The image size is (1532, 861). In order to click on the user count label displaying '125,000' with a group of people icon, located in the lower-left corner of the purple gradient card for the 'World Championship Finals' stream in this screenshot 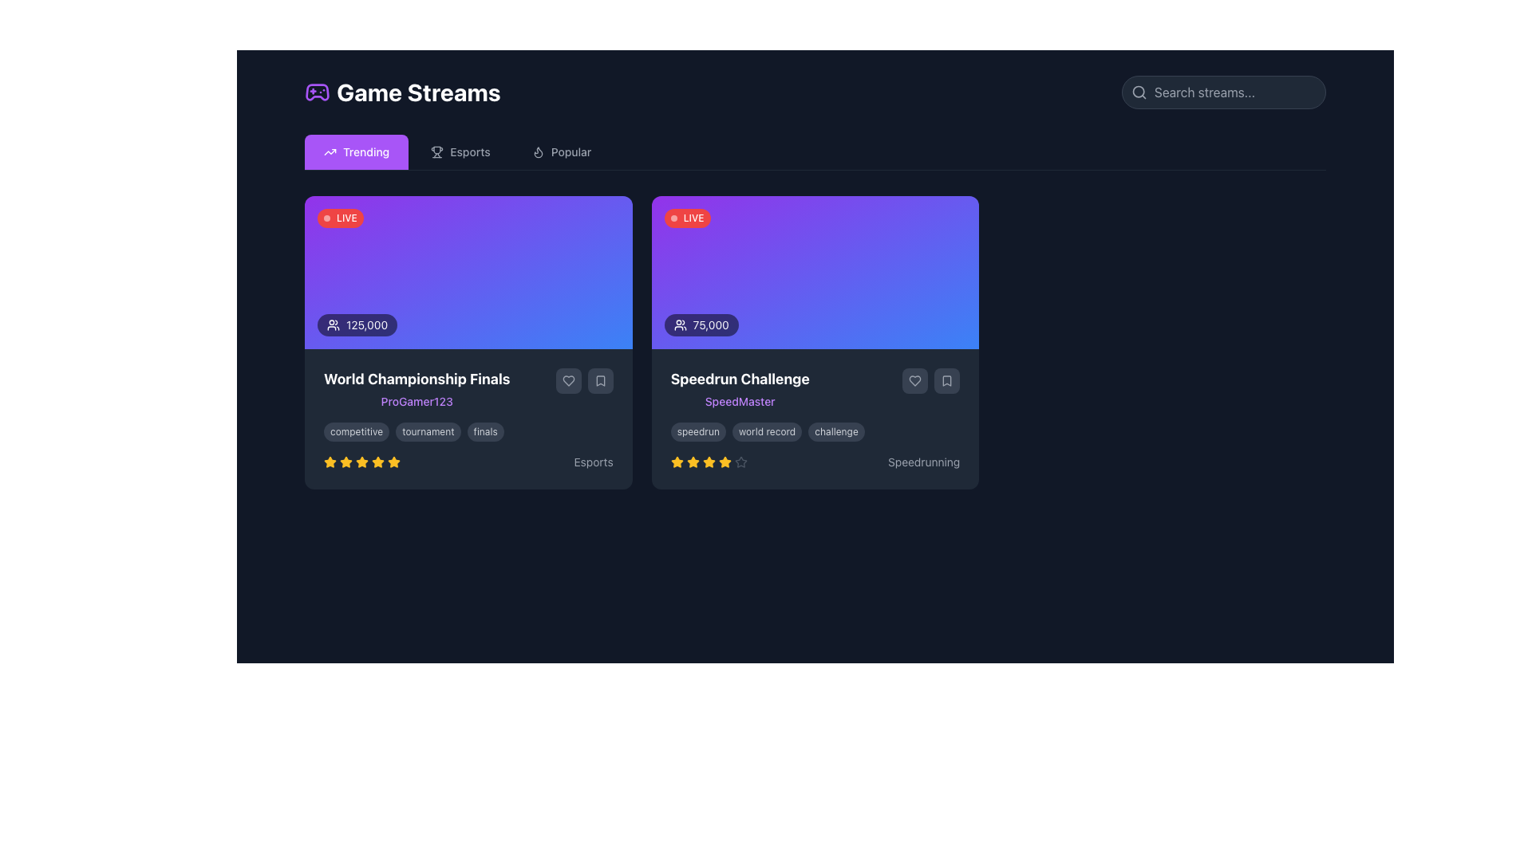, I will do `click(357, 324)`.